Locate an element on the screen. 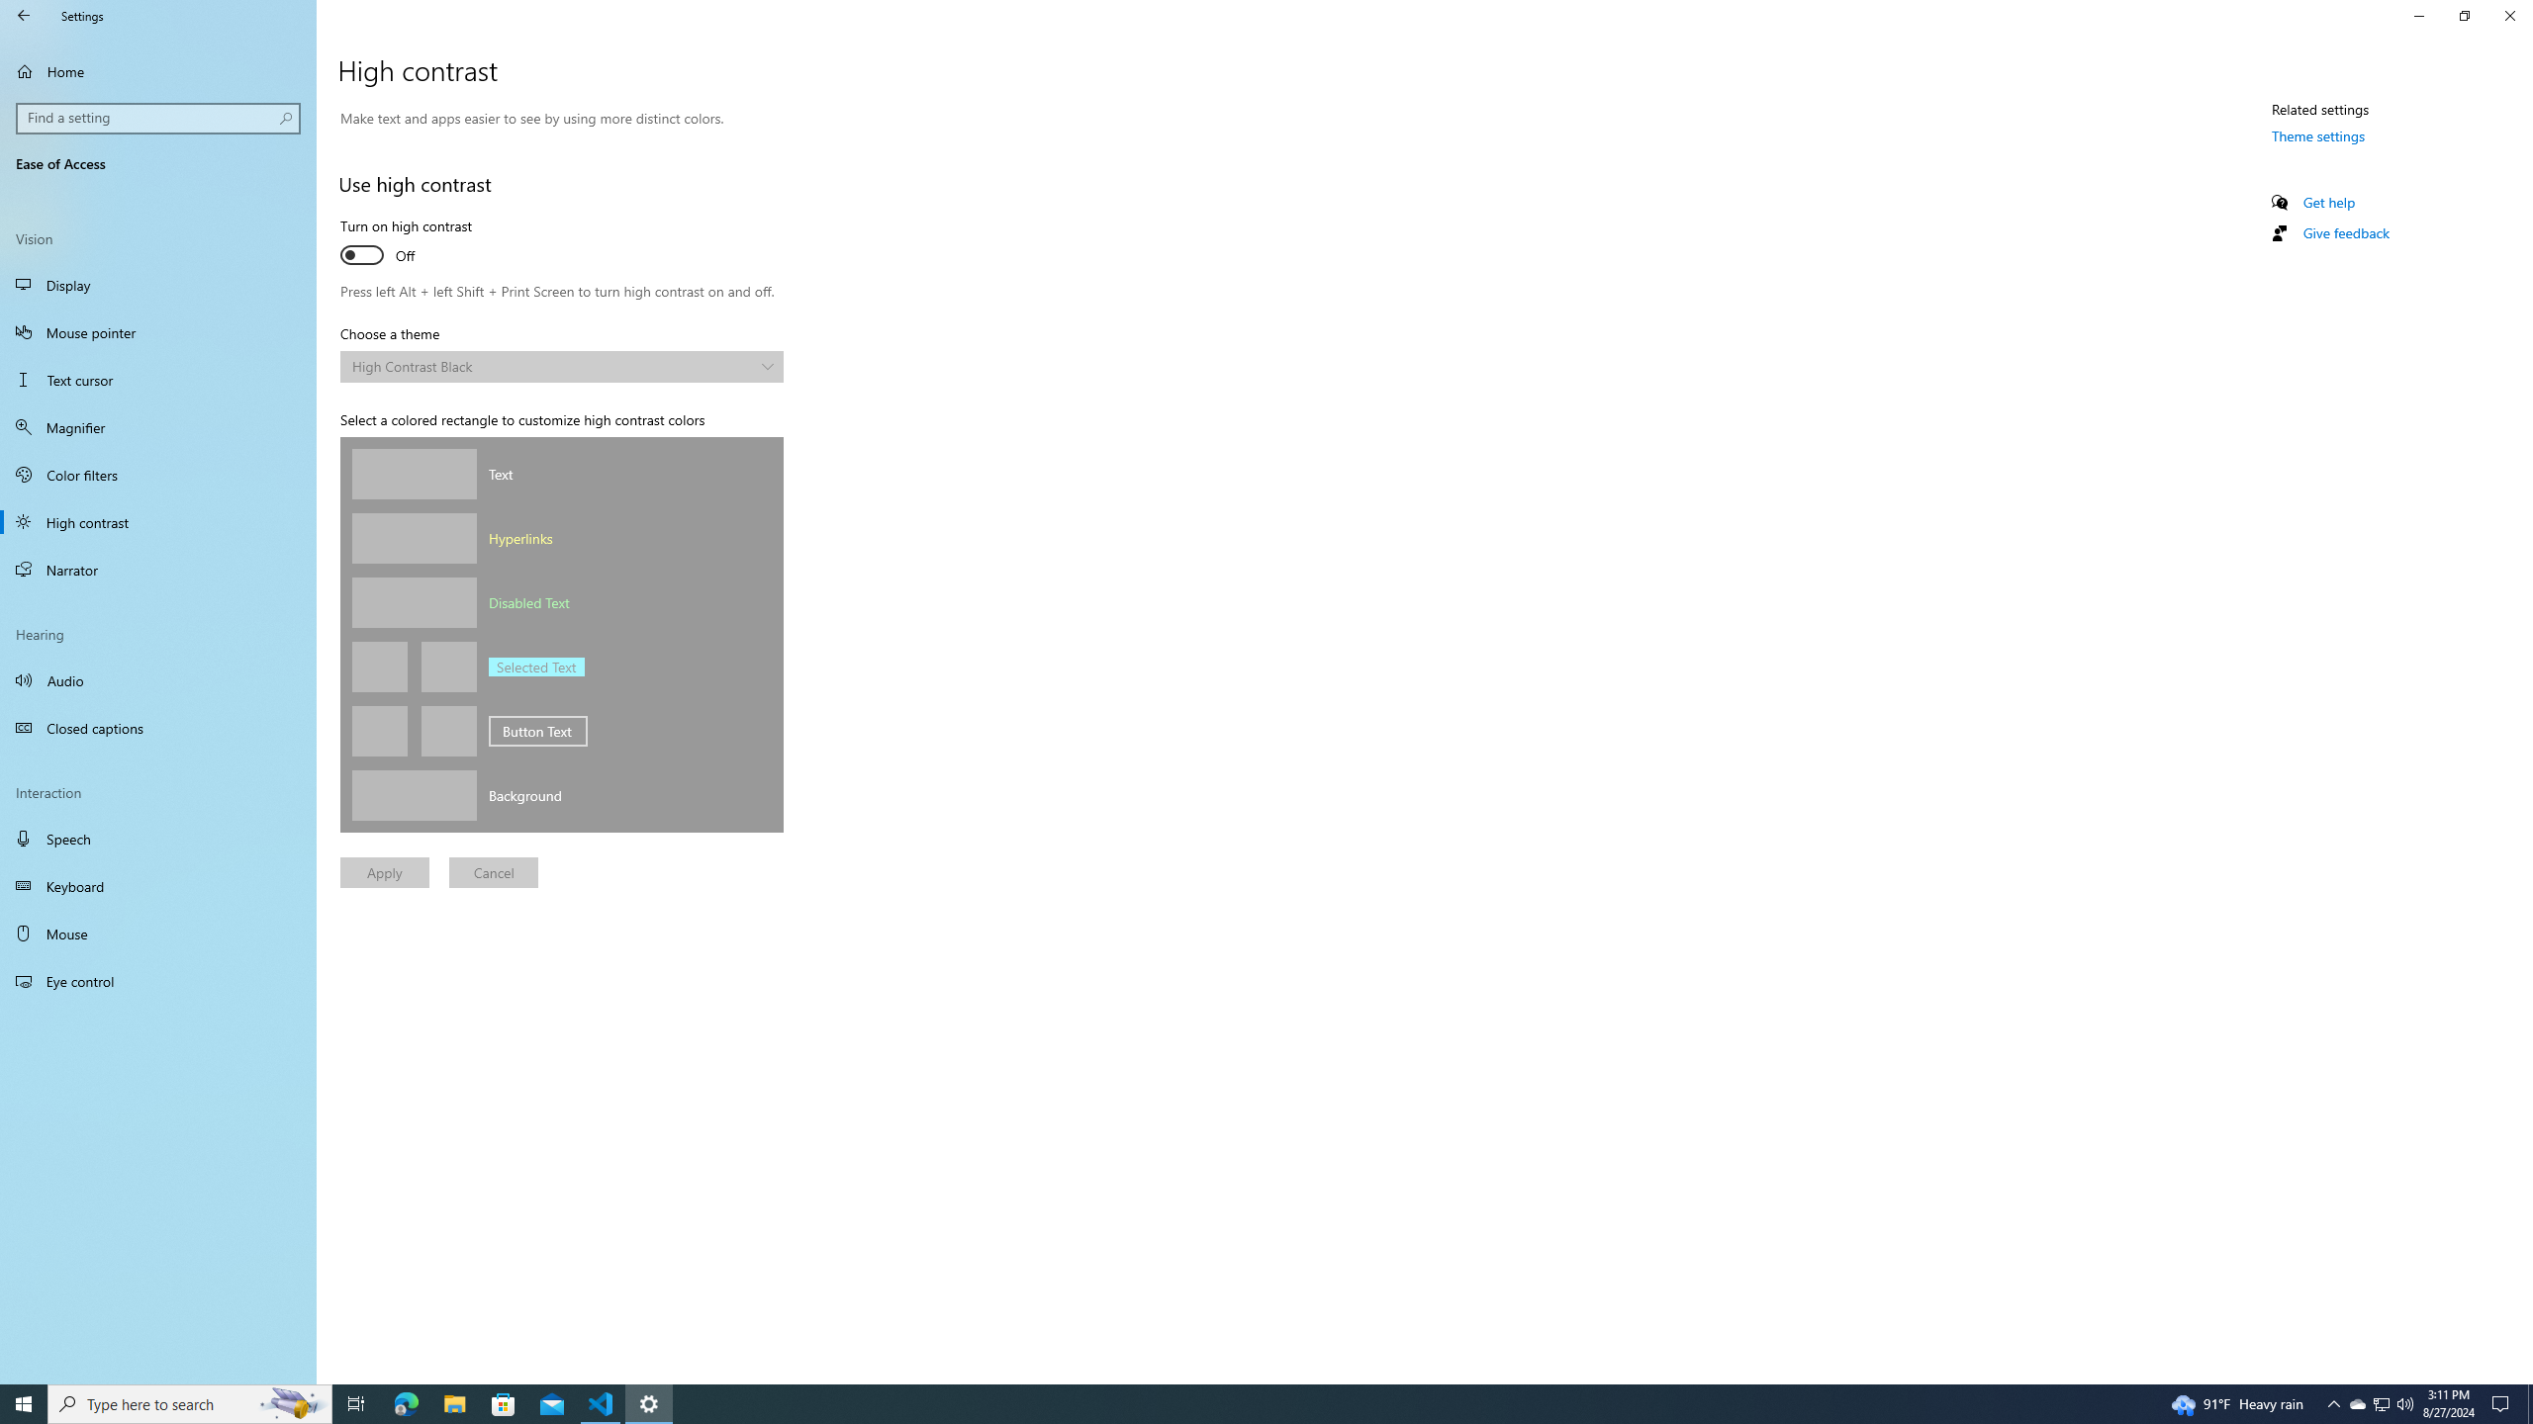  'Button background color' is located at coordinates (447, 731).